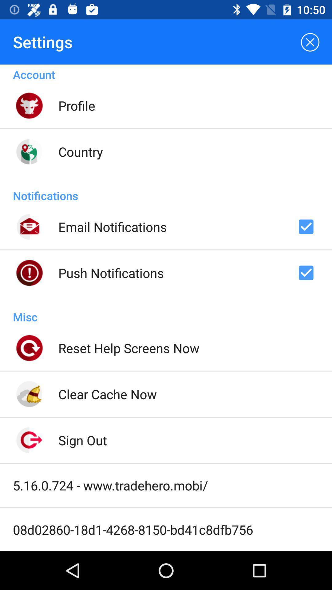 Image resolution: width=332 pixels, height=590 pixels. Describe the element at coordinates (110, 485) in the screenshot. I see `5 16 0` at that location.